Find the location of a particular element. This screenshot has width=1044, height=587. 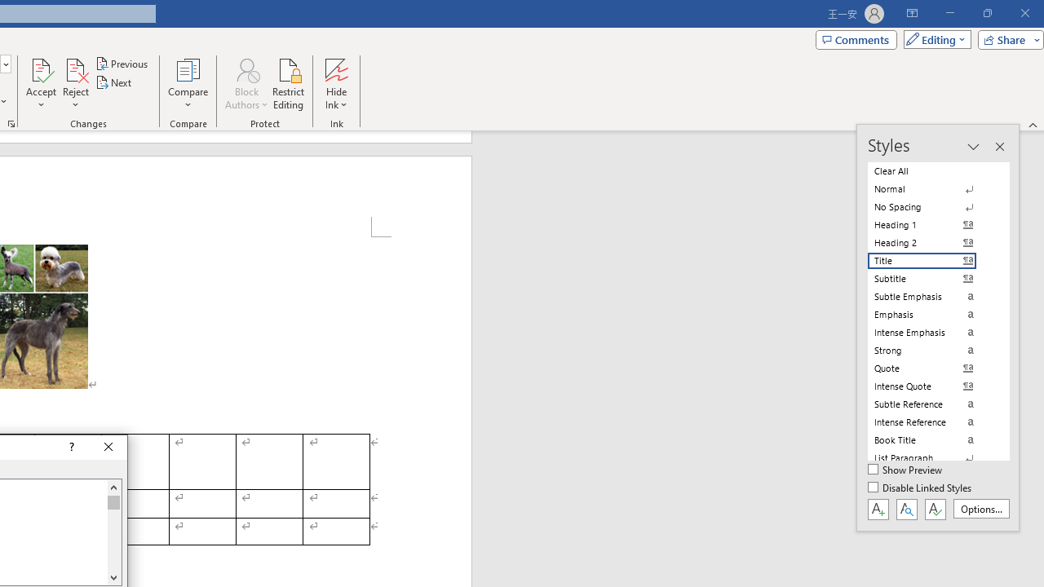

'Accept and Move to Next' is located at coordinates (41, 68).